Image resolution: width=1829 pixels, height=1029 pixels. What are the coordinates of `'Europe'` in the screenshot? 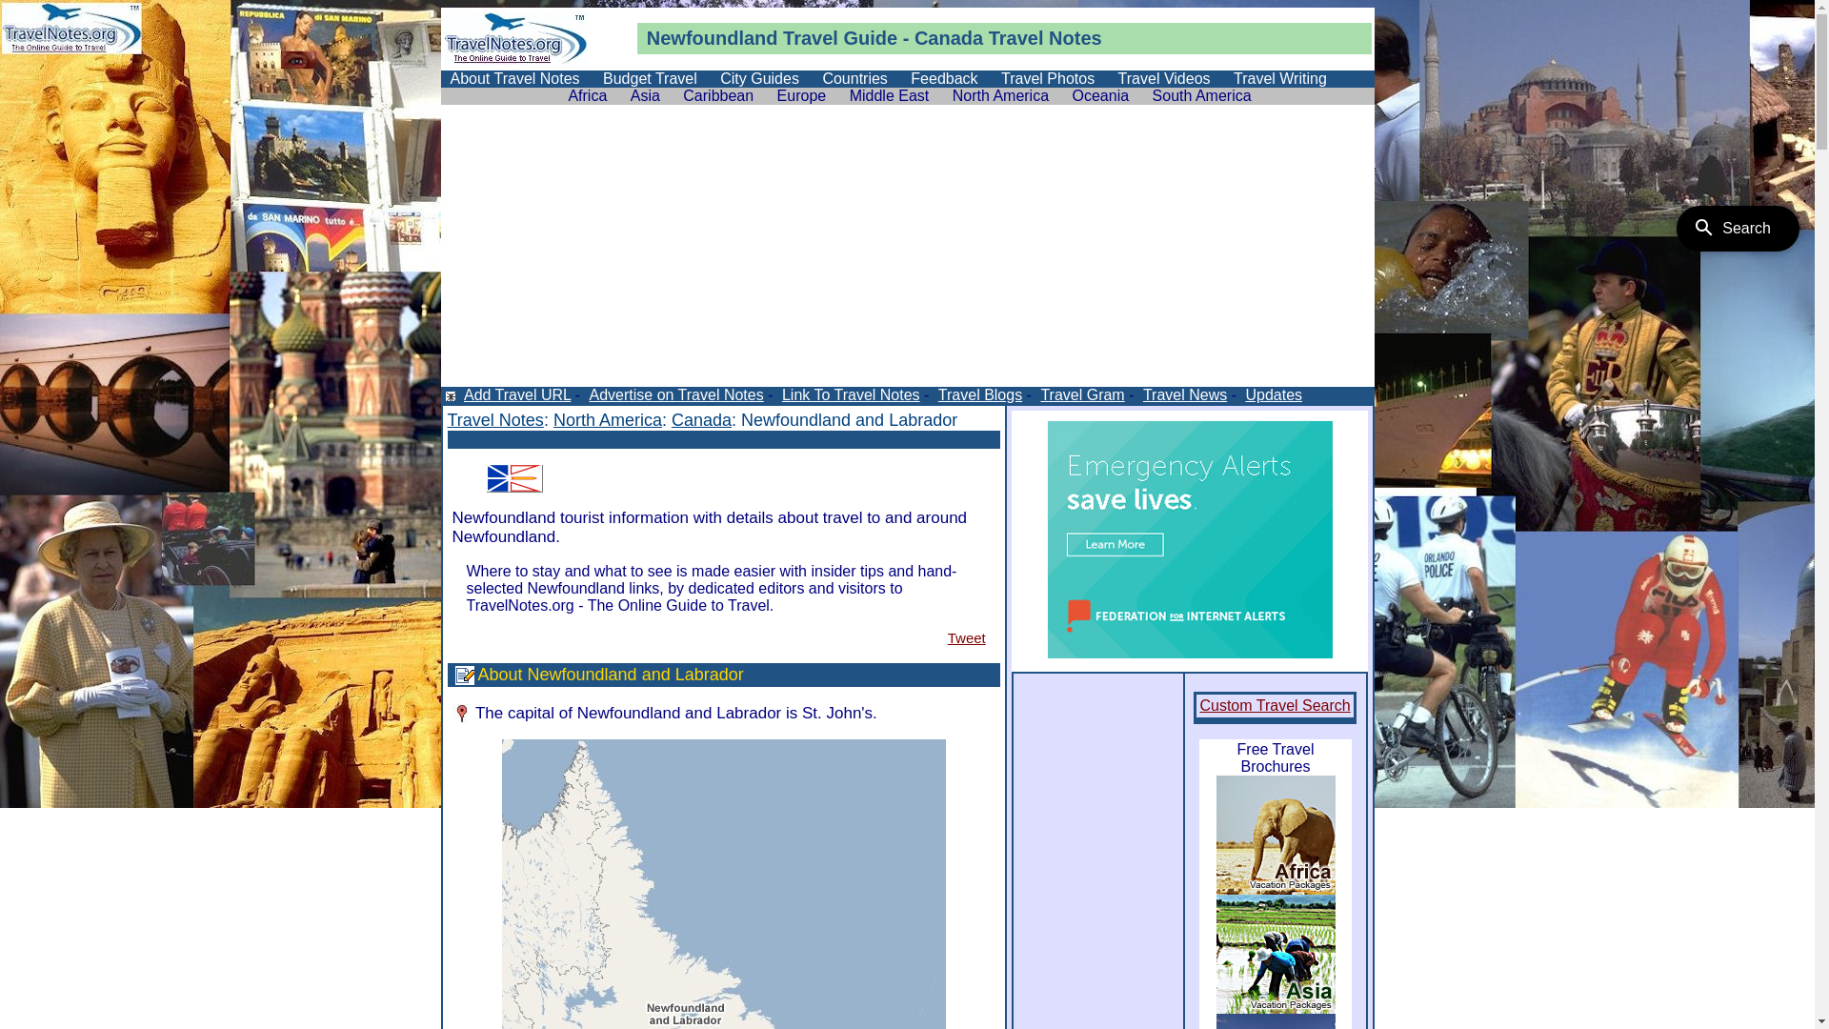 It's located at (801, 95).